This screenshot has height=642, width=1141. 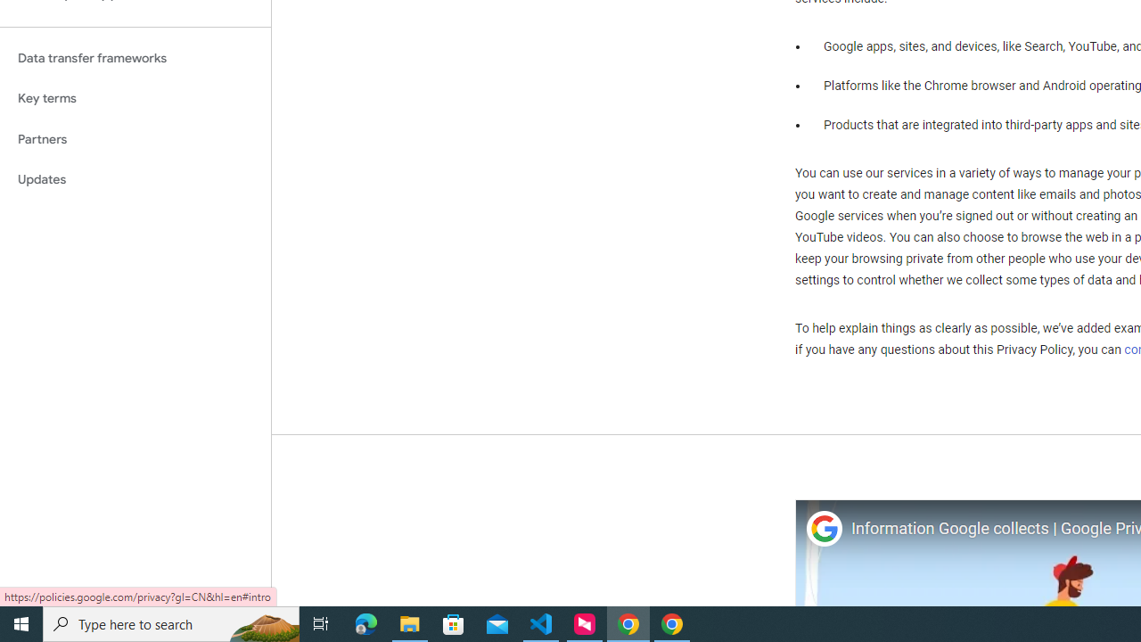 I want to click on 'Partners', so click(x=135, y=138).